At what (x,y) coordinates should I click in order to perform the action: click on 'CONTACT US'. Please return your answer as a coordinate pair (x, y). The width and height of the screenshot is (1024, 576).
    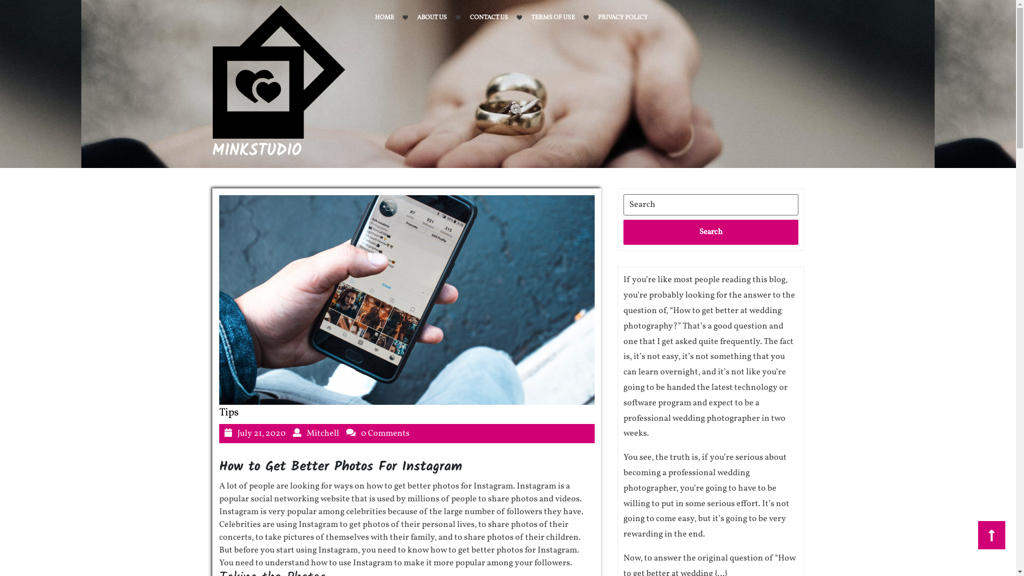
    Looking at the image, I should click on (458, 18).